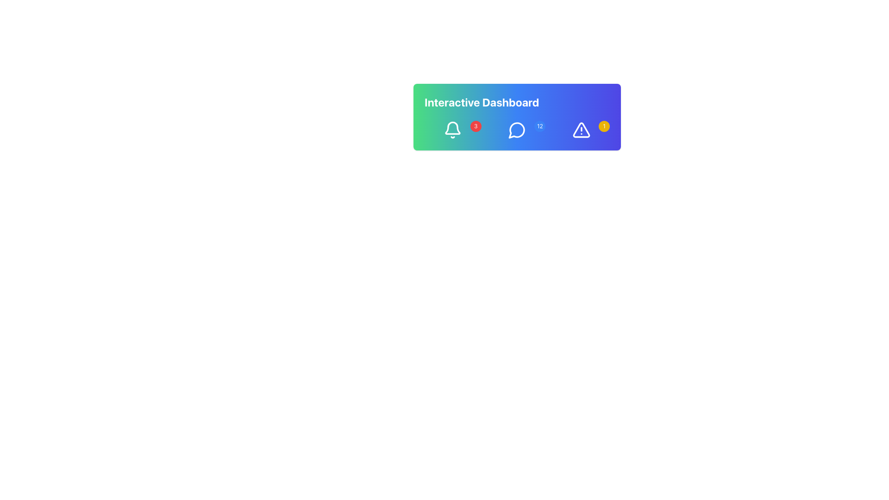  Describe the element at coordinates (517, 130) in the screenshot. I see `the badge that displays the count of messages or notifications, located at the top-right of the speech bubble icon in the middle column of the content grid` at that location.